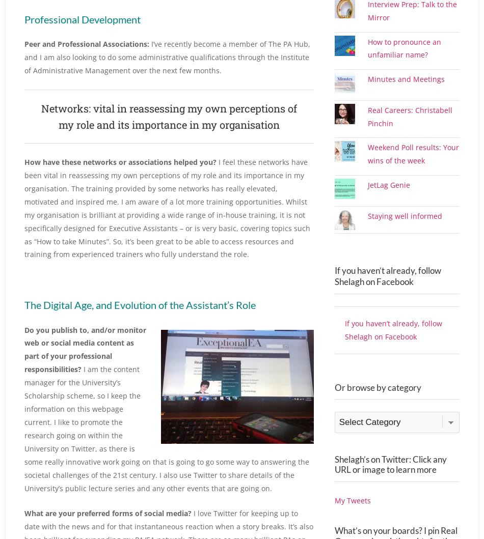 Image resolution: width=484 pixels, height=539 pixels. What do you see at coordinates (404, 239) in the screenshot?
I see `'Staying well informed'` at bounding box center [404, 239].